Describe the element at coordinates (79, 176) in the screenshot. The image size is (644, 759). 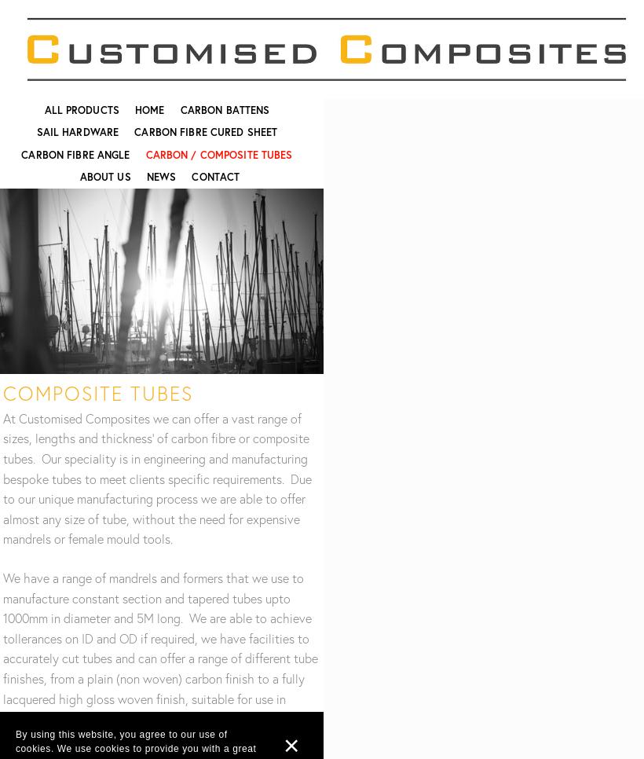
I see `'About Us'` at that location.